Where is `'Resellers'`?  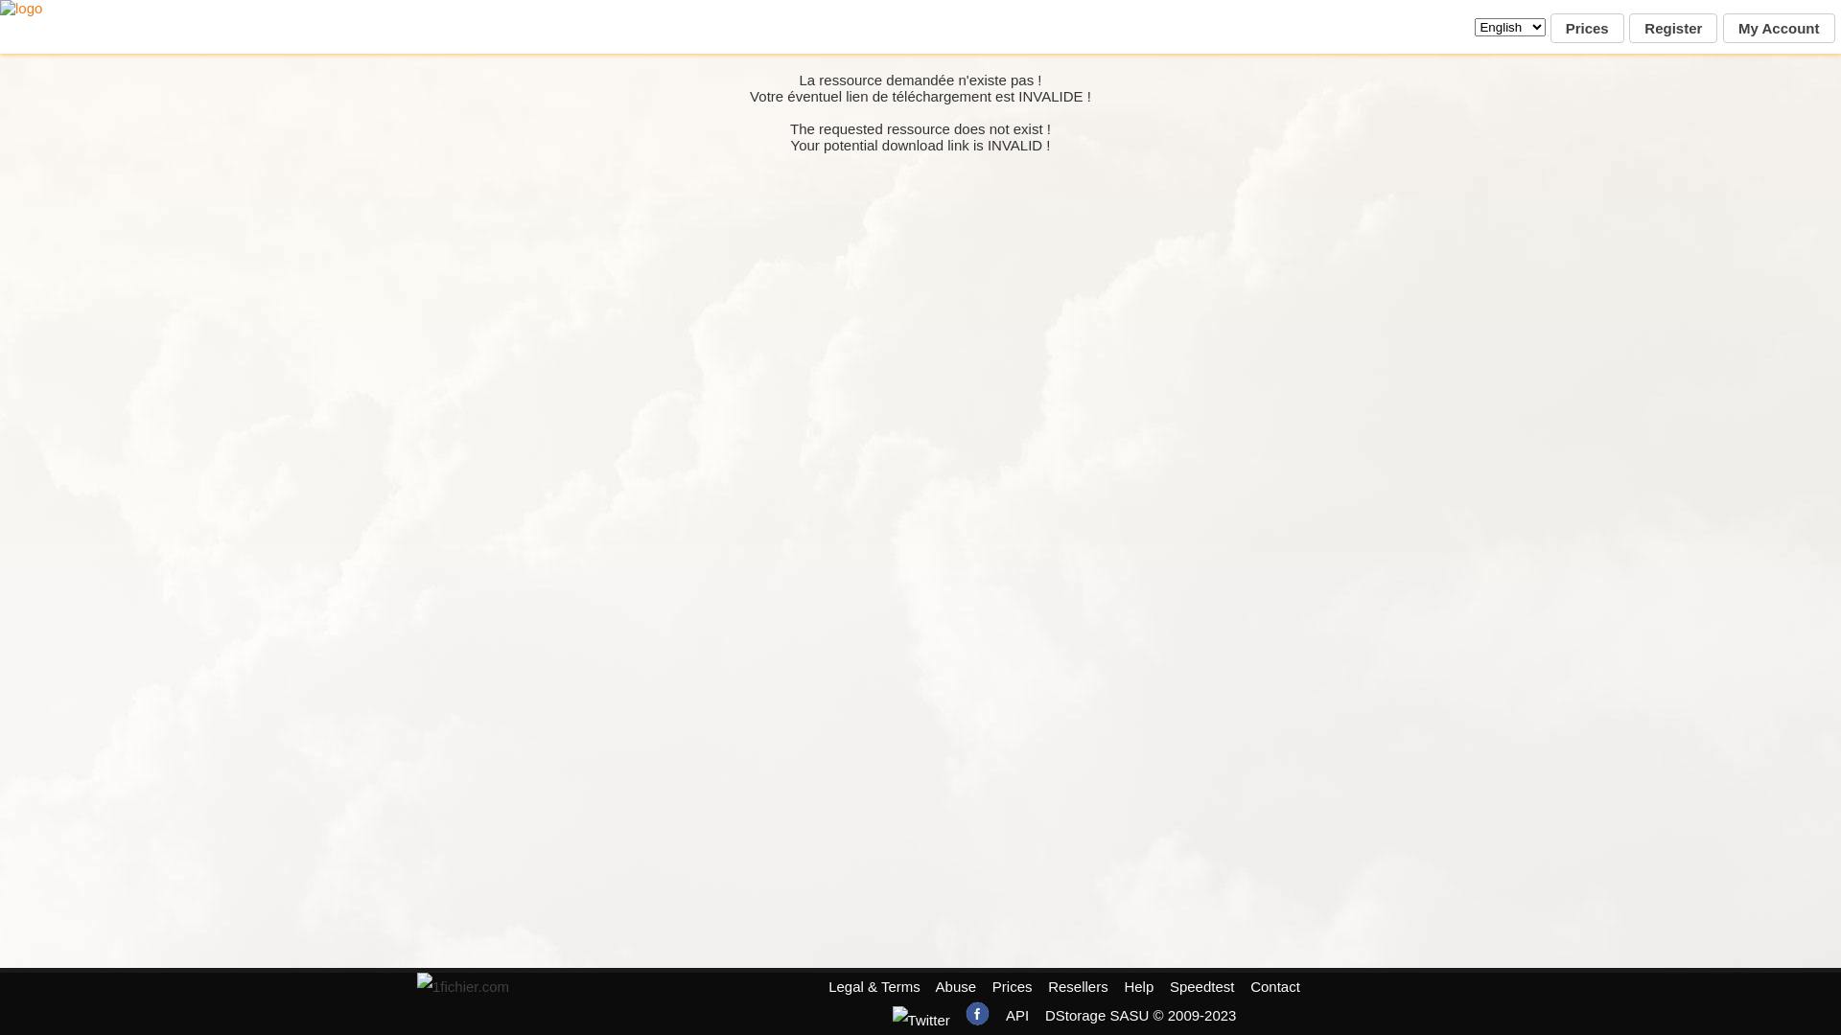 'Resellers' is located at coordinates (1078, 986).